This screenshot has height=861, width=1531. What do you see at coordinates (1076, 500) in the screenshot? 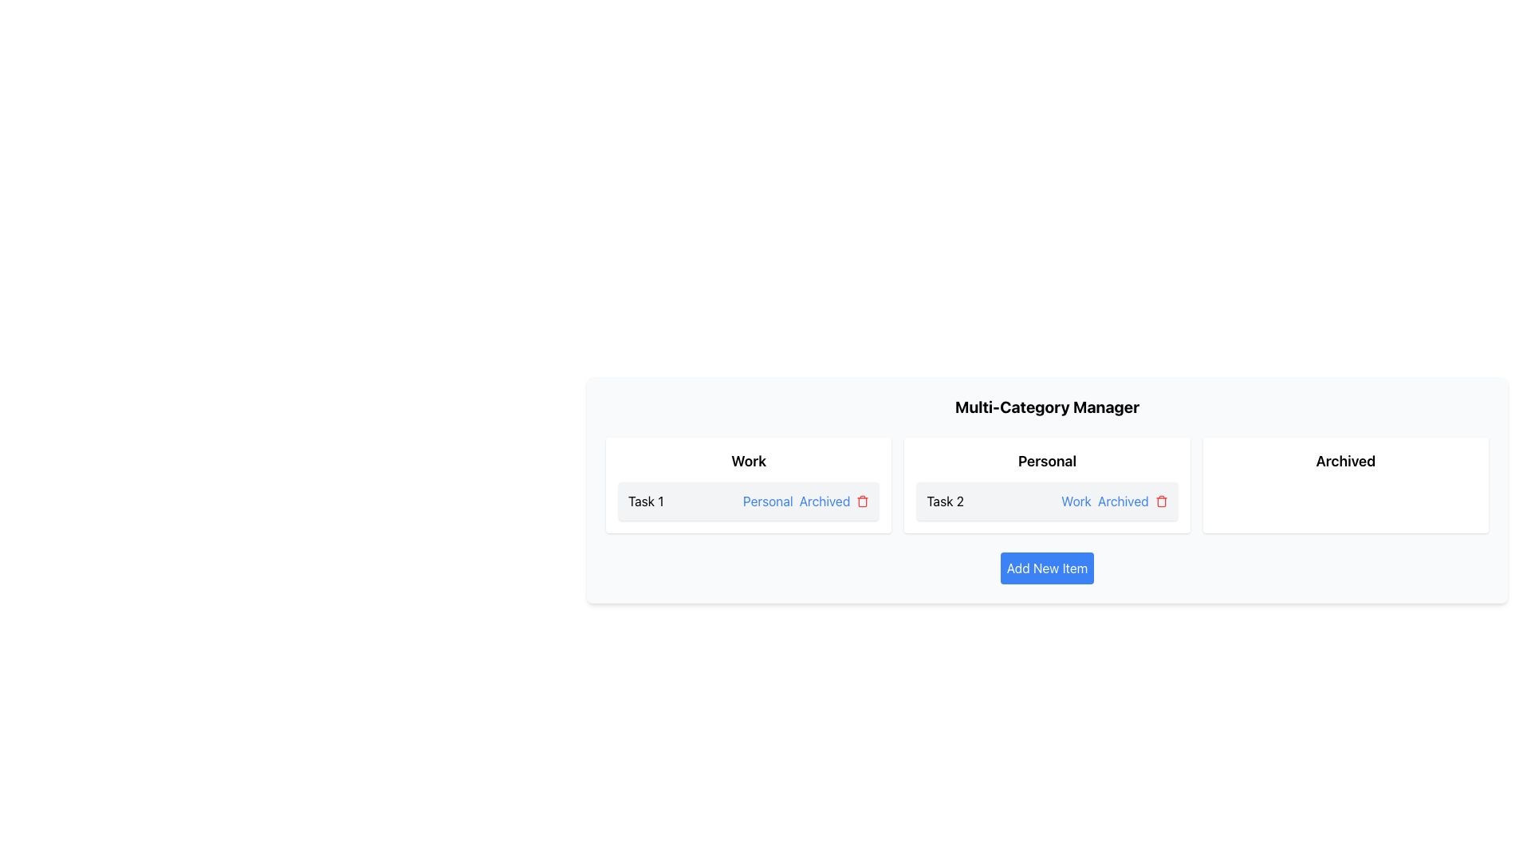
I see `the hyperlink labeled 'Work' located at the beginning of a sequence of text links under the 'Personal' header` at bounding box center [1076, 500].